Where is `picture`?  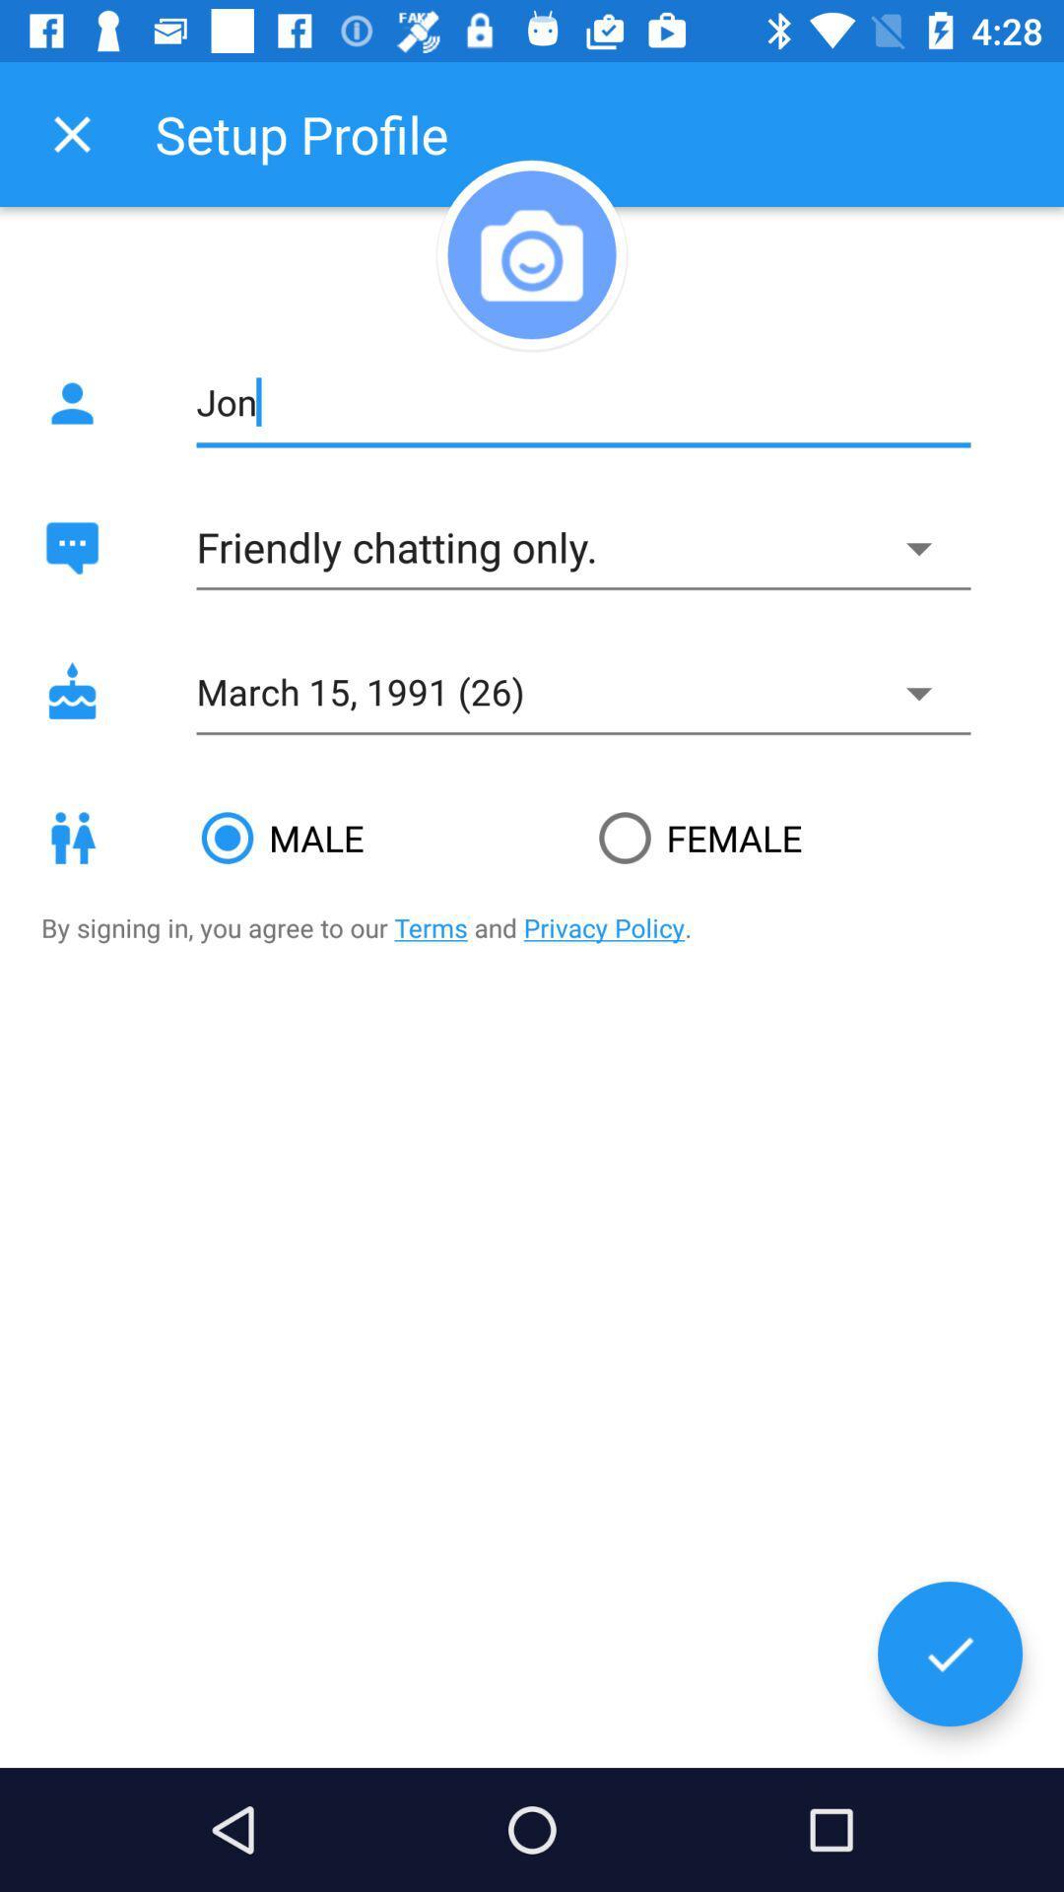 picture is located at coordinates (532, 253).